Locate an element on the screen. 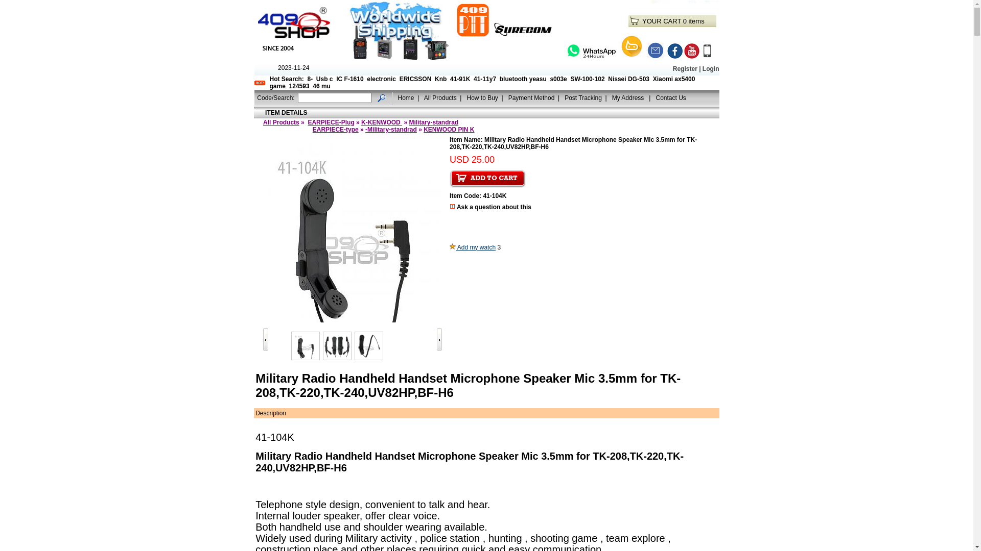  'electronic' is located at coordinates (381, 78).